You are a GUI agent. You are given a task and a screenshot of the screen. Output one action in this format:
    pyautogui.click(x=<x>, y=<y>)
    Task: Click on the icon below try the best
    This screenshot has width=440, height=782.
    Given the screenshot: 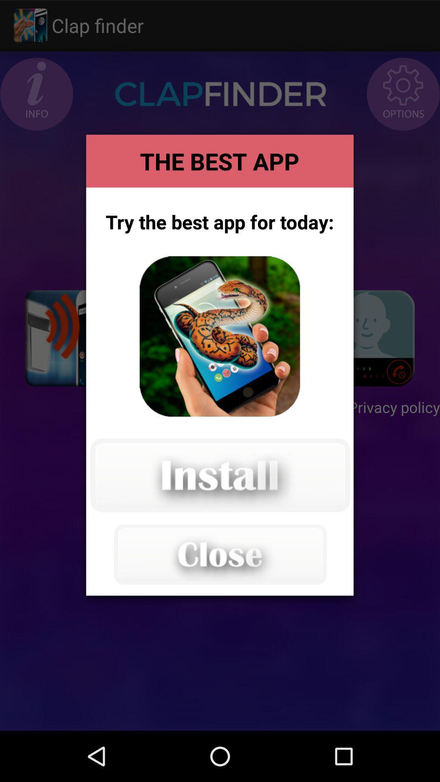 What is the action you would take?
    pyautogui.click(x=219, y=336)
    